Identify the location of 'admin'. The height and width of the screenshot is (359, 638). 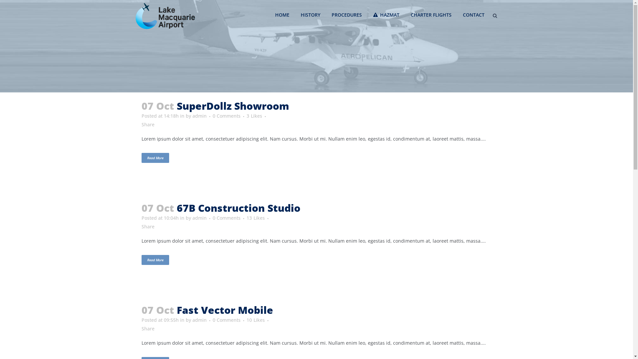
(199, 115).